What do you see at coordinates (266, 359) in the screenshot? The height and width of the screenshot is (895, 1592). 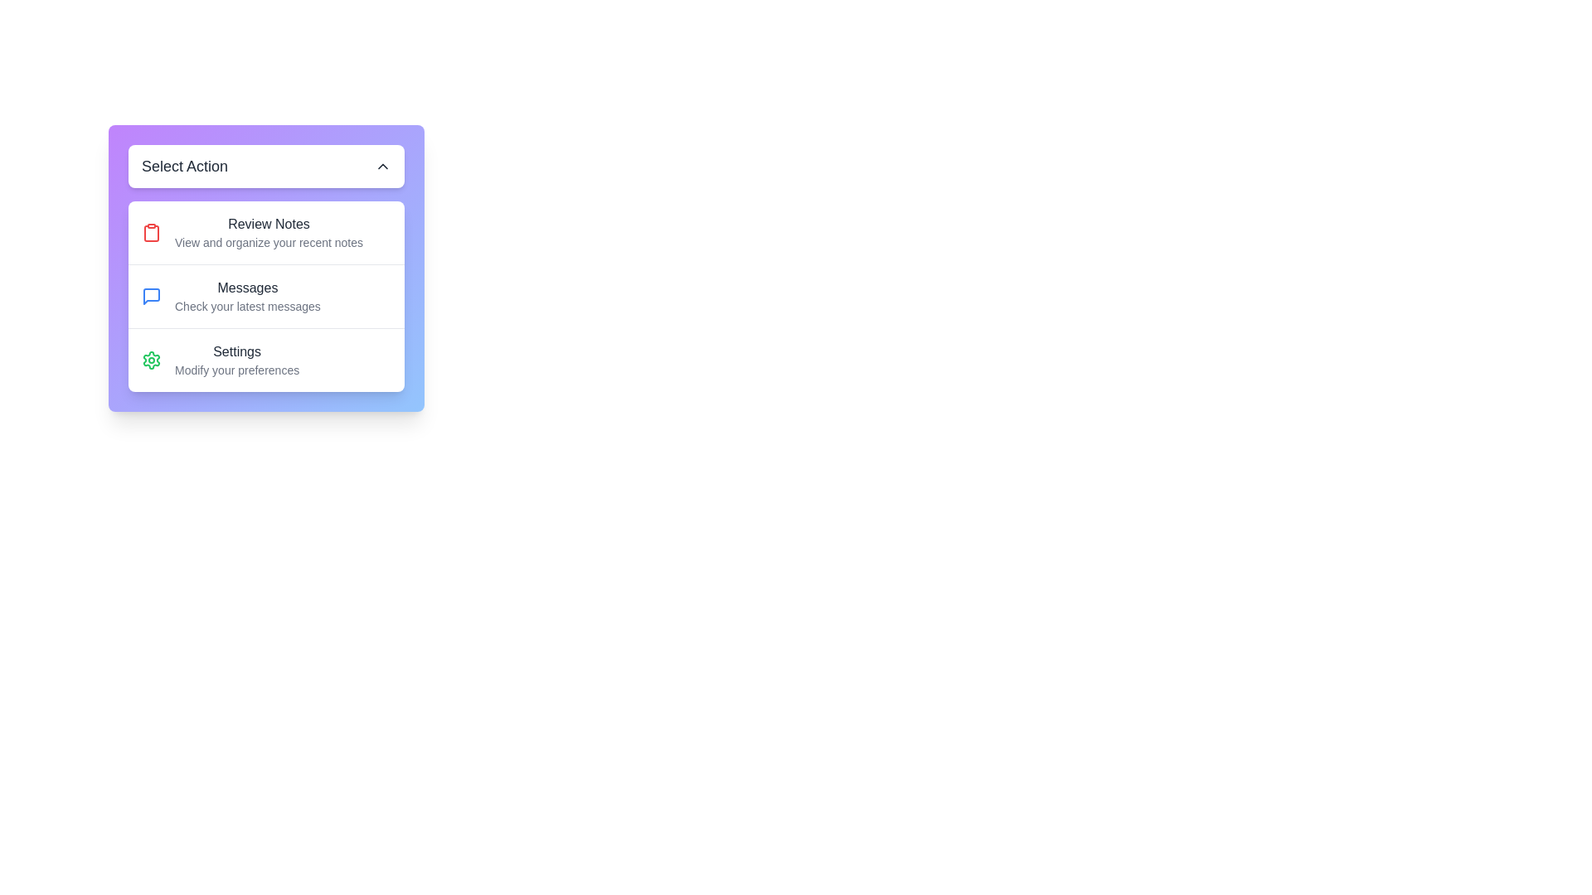 I see `the clickable menu item labeled 'Settings', which features a green gear icon and text that reads 'Modify your preferences'. This element is the third option in a vertically stacked group under 'Select Action'` at bounding box center [266, 359].